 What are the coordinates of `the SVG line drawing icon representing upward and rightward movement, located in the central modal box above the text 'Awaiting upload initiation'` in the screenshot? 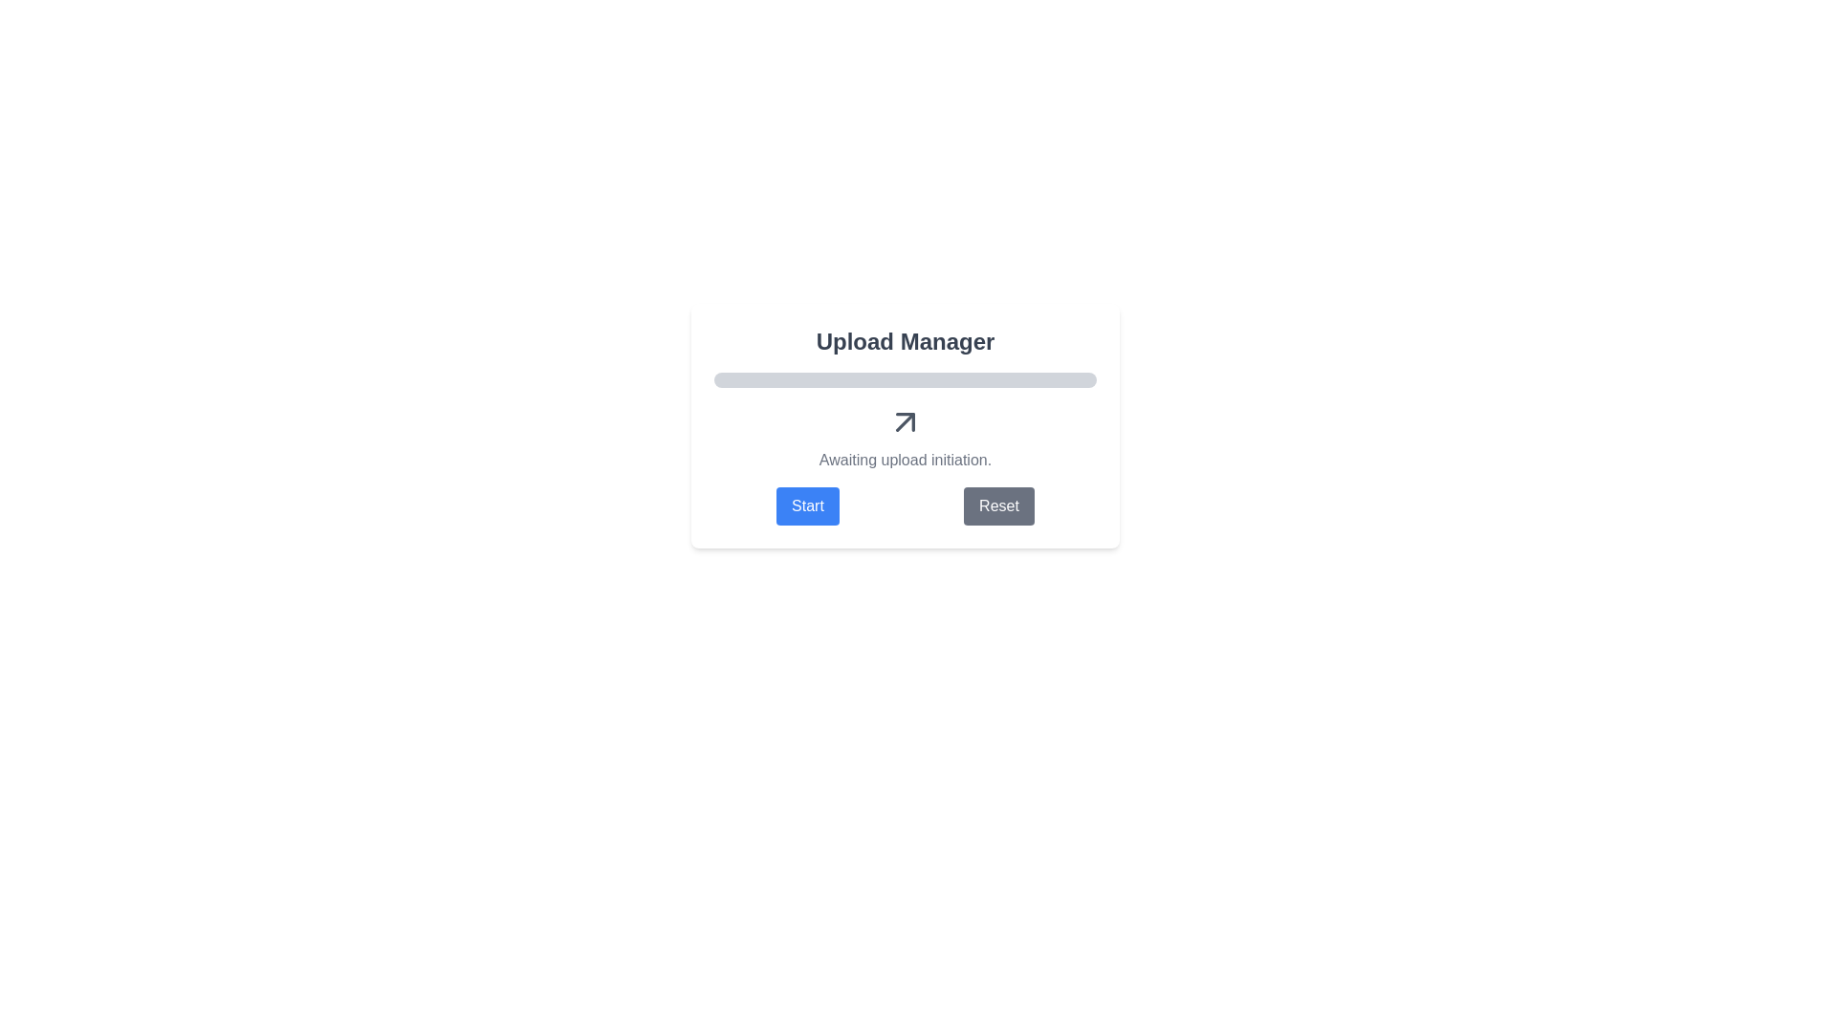 It's located at (904, 421).